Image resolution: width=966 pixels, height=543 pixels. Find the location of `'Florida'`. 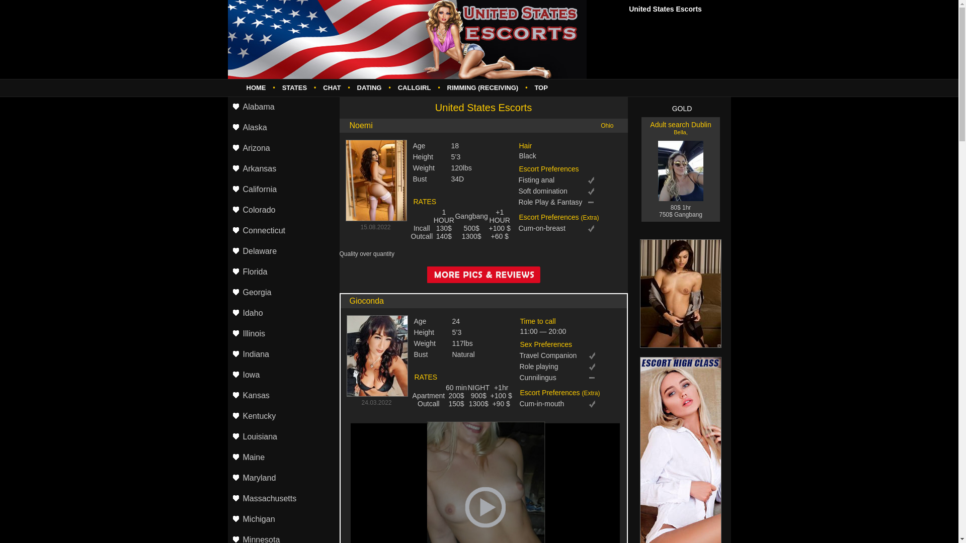

'Florida' is located at coordinates (226, 272).